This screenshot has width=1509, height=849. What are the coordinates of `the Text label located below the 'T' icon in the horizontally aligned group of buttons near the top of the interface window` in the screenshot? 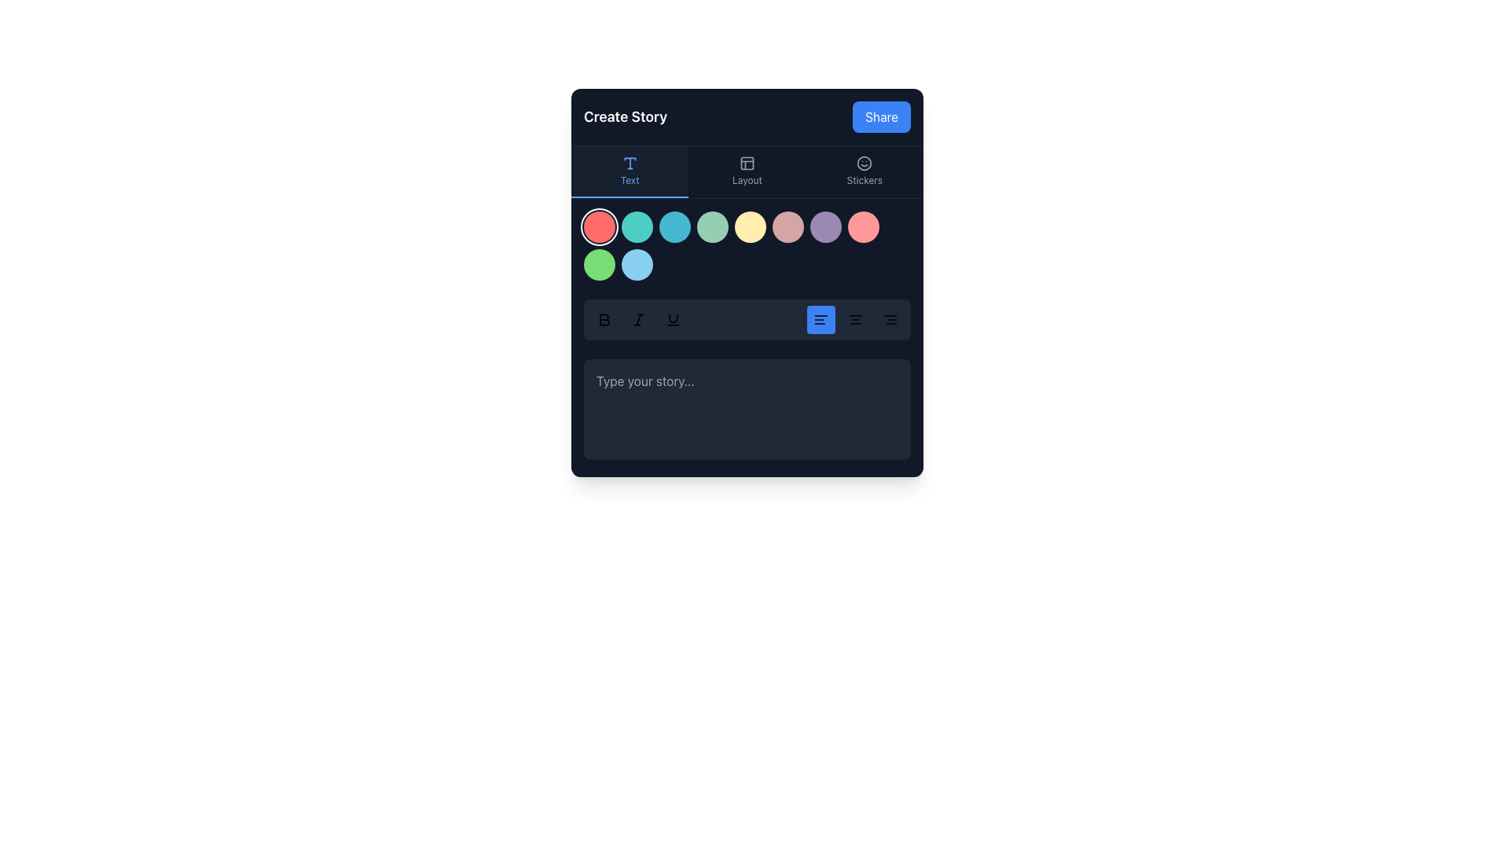 It's located at (630, 180).